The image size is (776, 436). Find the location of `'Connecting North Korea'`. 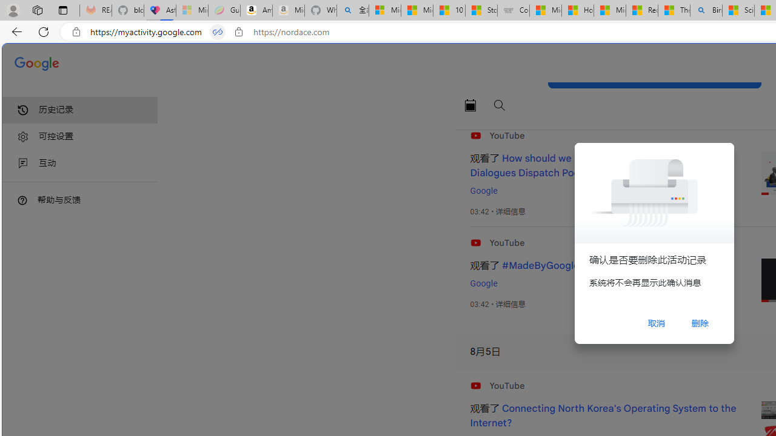

'Connecting North Korea' is located at coordinates (603, 415).